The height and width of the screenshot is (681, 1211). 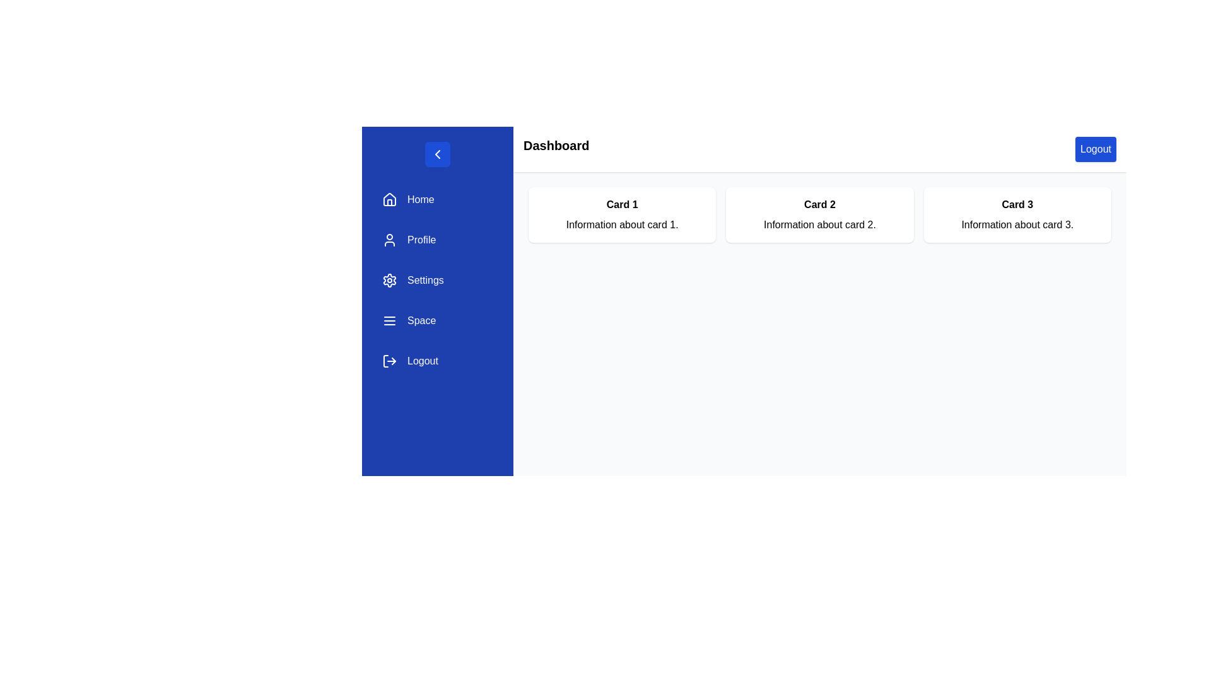 I want to click on the text element containing 'Information about card 3.' which is styled as plain text within the card labeled 'Card 3', so click(x=1017, y=224).